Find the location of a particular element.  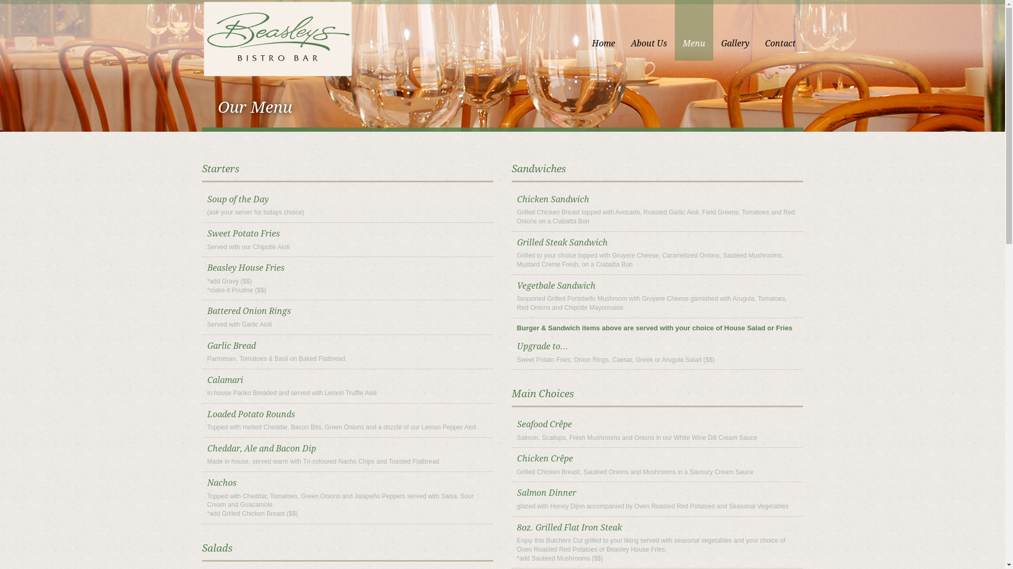

'Menu' is located at coordinates (693, 30).